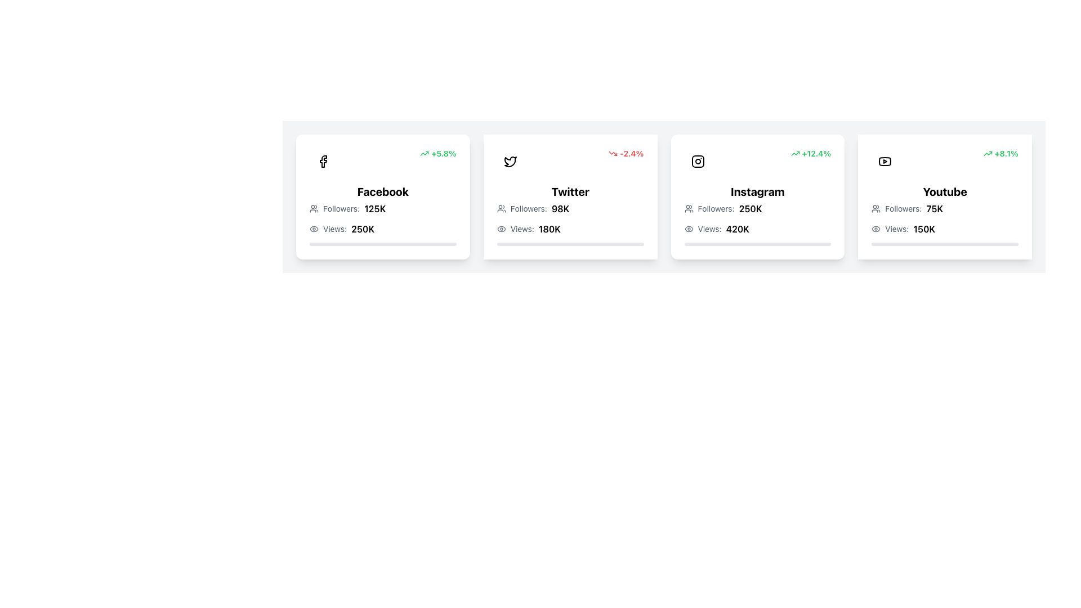  I want to click on the progress bar located under the 'Views: 180K' label within the 'Twitter' card, which is the second card from the left, so click(570, 244).